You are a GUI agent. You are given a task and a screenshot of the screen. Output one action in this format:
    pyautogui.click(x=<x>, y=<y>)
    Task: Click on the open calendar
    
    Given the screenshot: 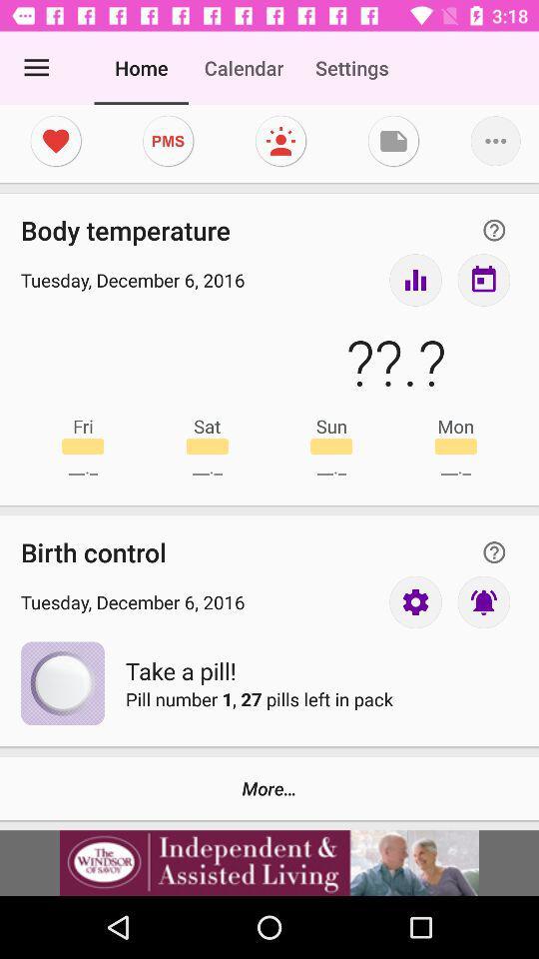 What is the action you would take?
    pyautogui.click(x=482, y=279)
    